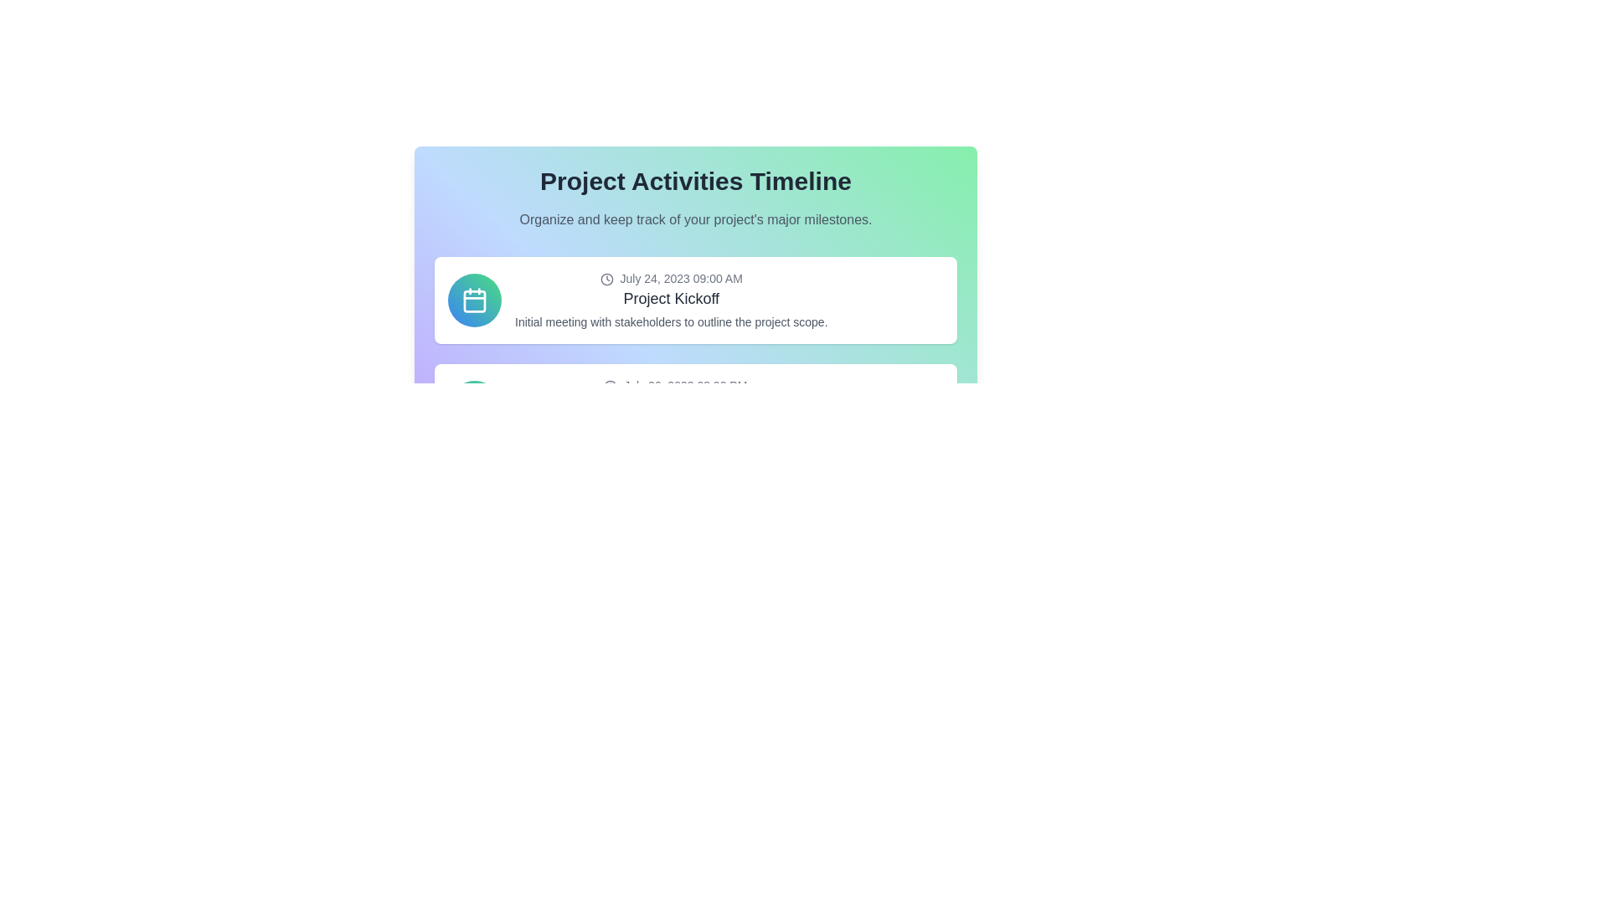 Image resolution: width=1608 pixels, height=904 pixels. What do you see at coordinates (473, 299) in the screenshot?
I see `the circular icon with a gradient fill transitioning from blue to green, which contains a white calendar symbol in the center, located to the left of the text content inside a project kickoff card layout` at bounding box center [473, 299].